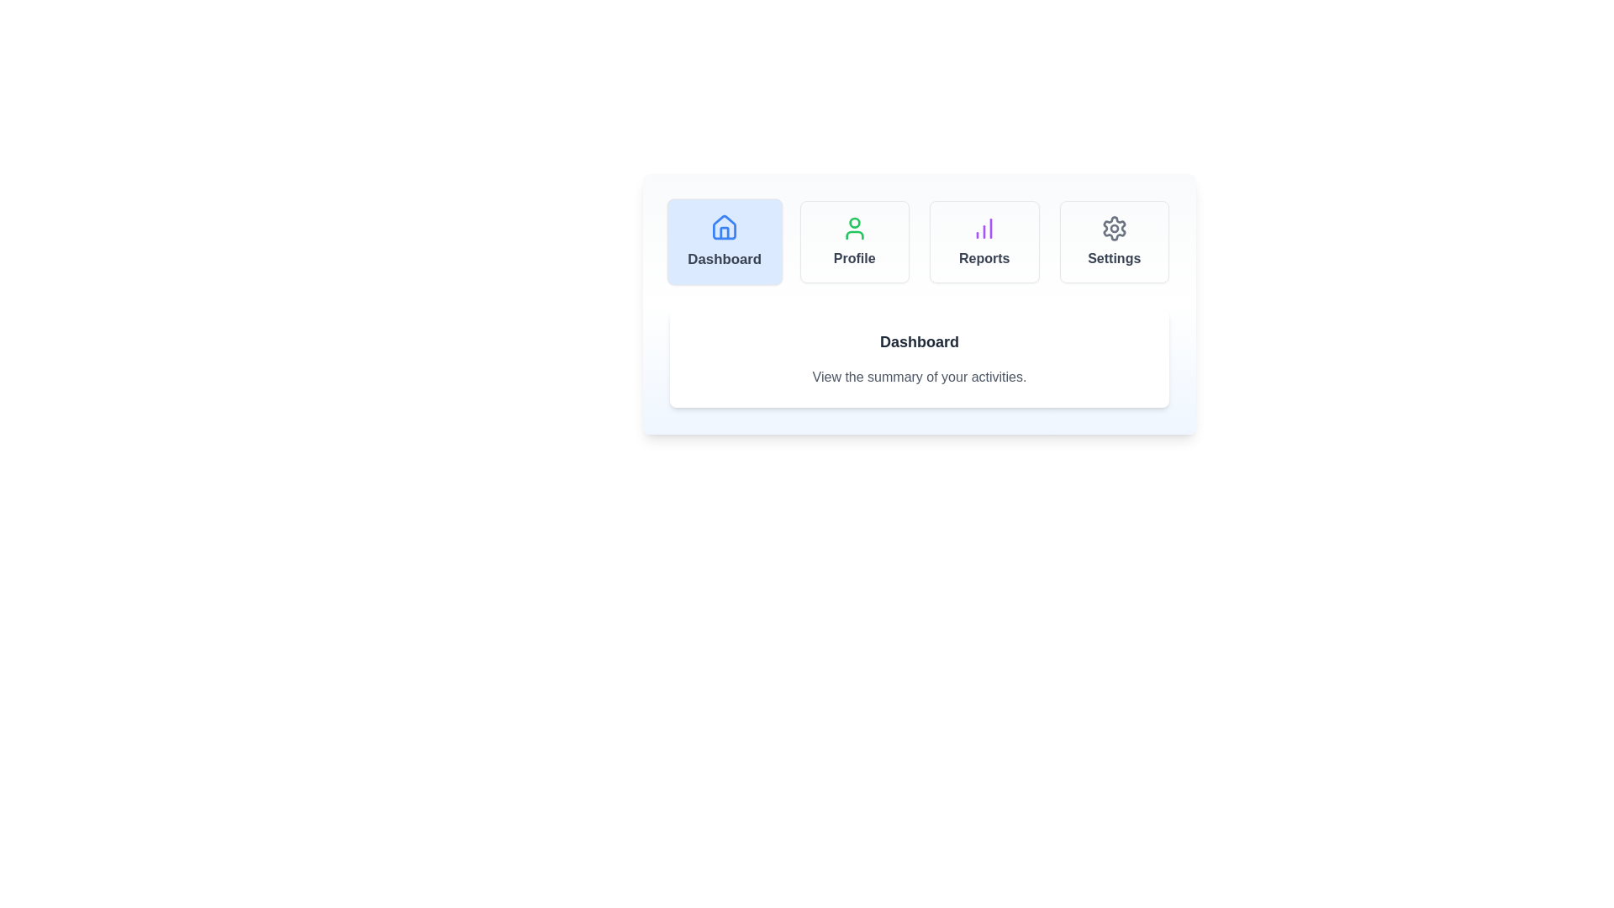 The image size is (1614, 908). What do you see at coordinates (1114, 242) in the screenshot?
I see `the Settings tab to navigate to it` at bounding box center [1114, 242].